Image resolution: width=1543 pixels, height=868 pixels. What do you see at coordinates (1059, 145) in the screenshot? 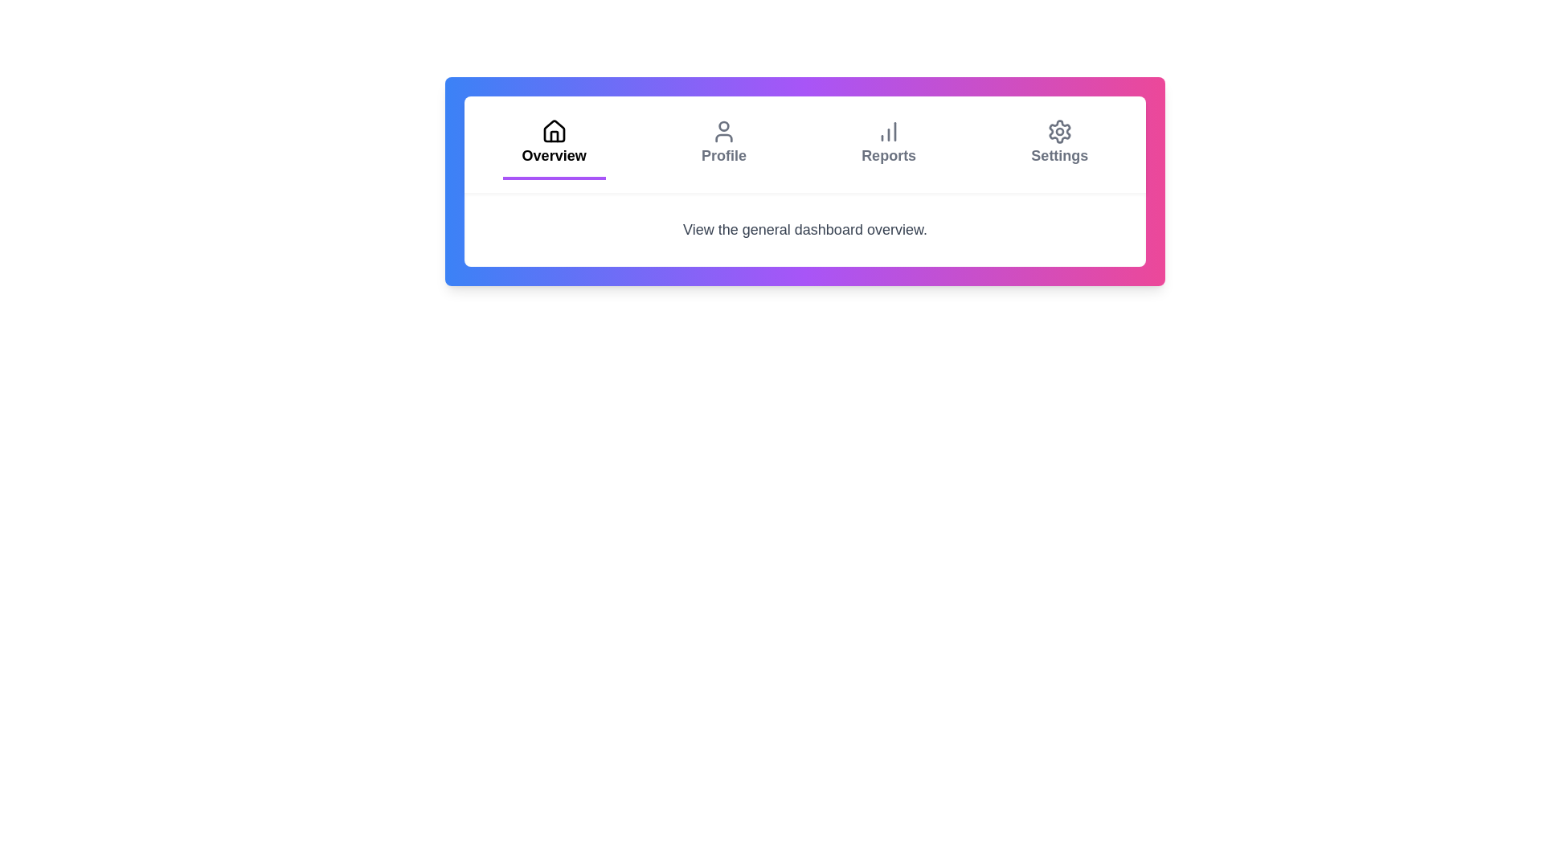
I see `the 'Settings' button, which is the fourth item in the horizontal navigation bar and features a gear icon above the text label` at bounding box center [1059, 145].